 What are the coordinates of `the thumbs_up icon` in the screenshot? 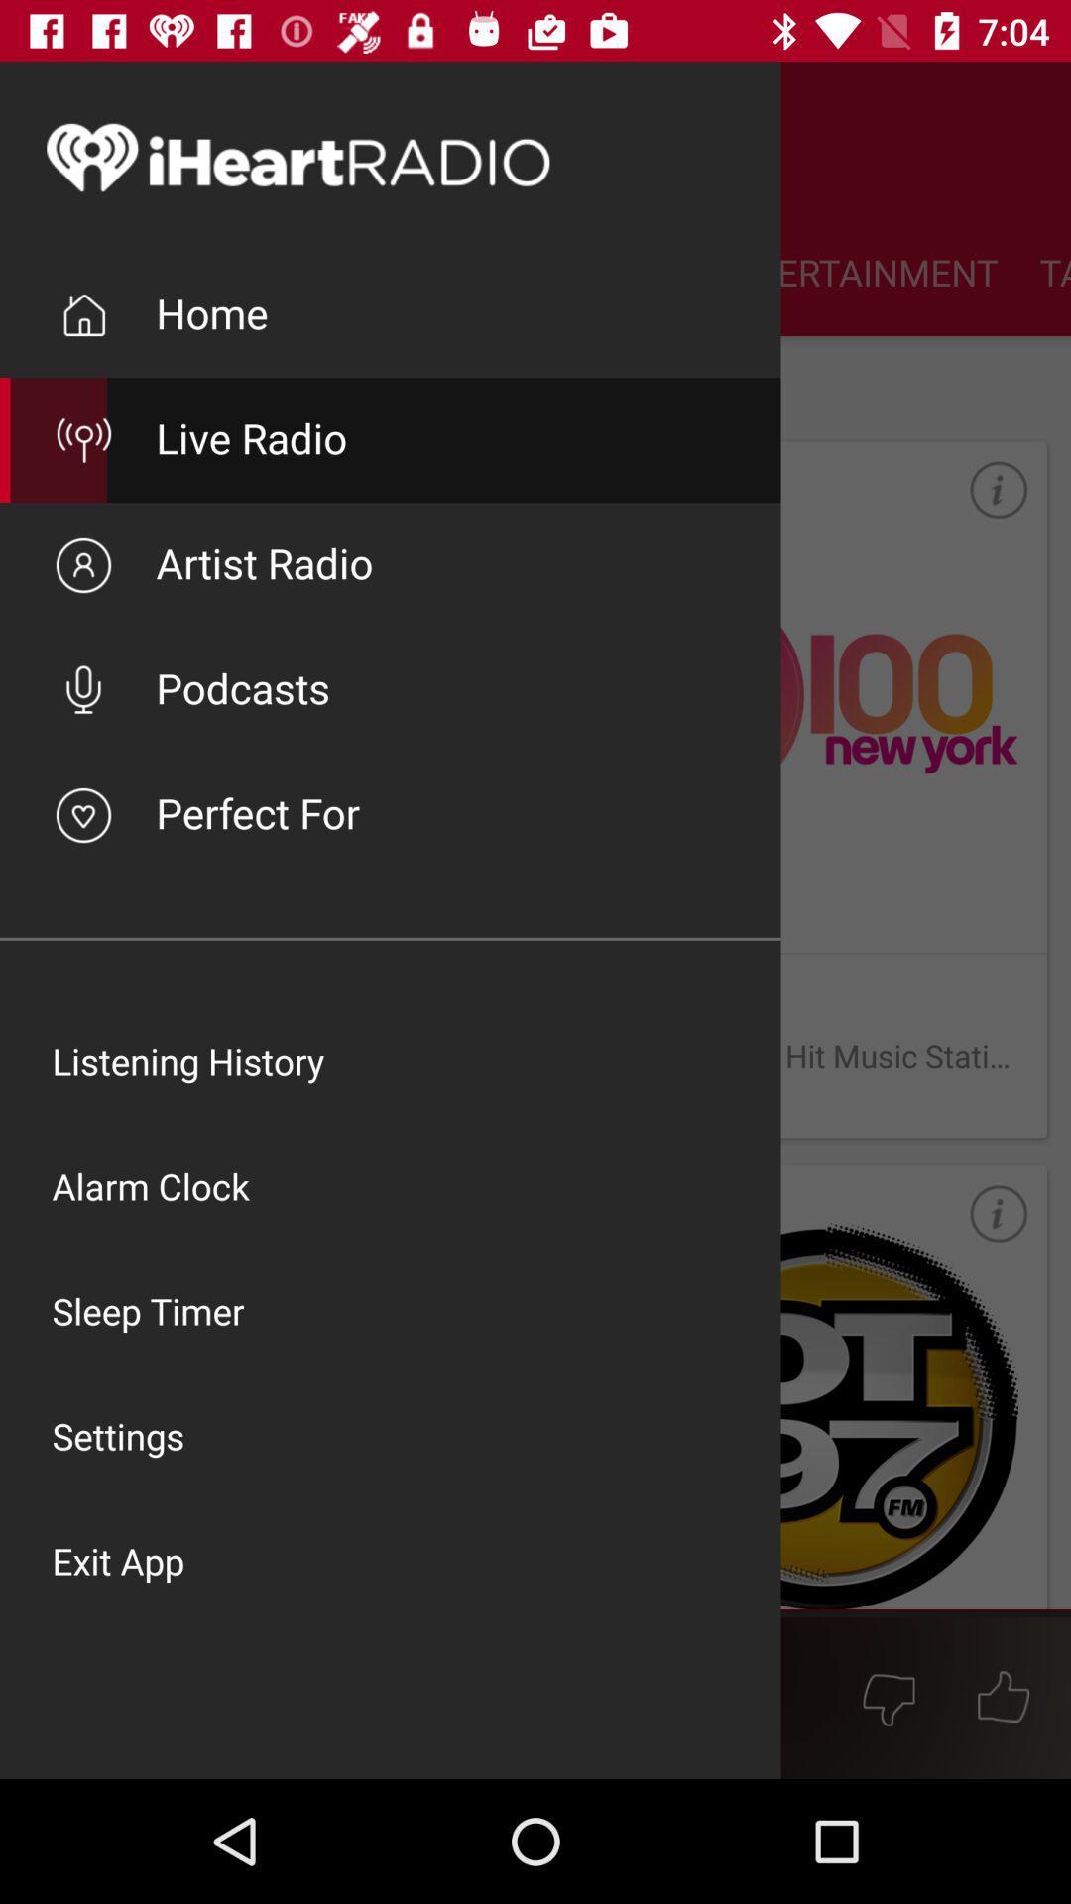 It's located at (1004, 1697).